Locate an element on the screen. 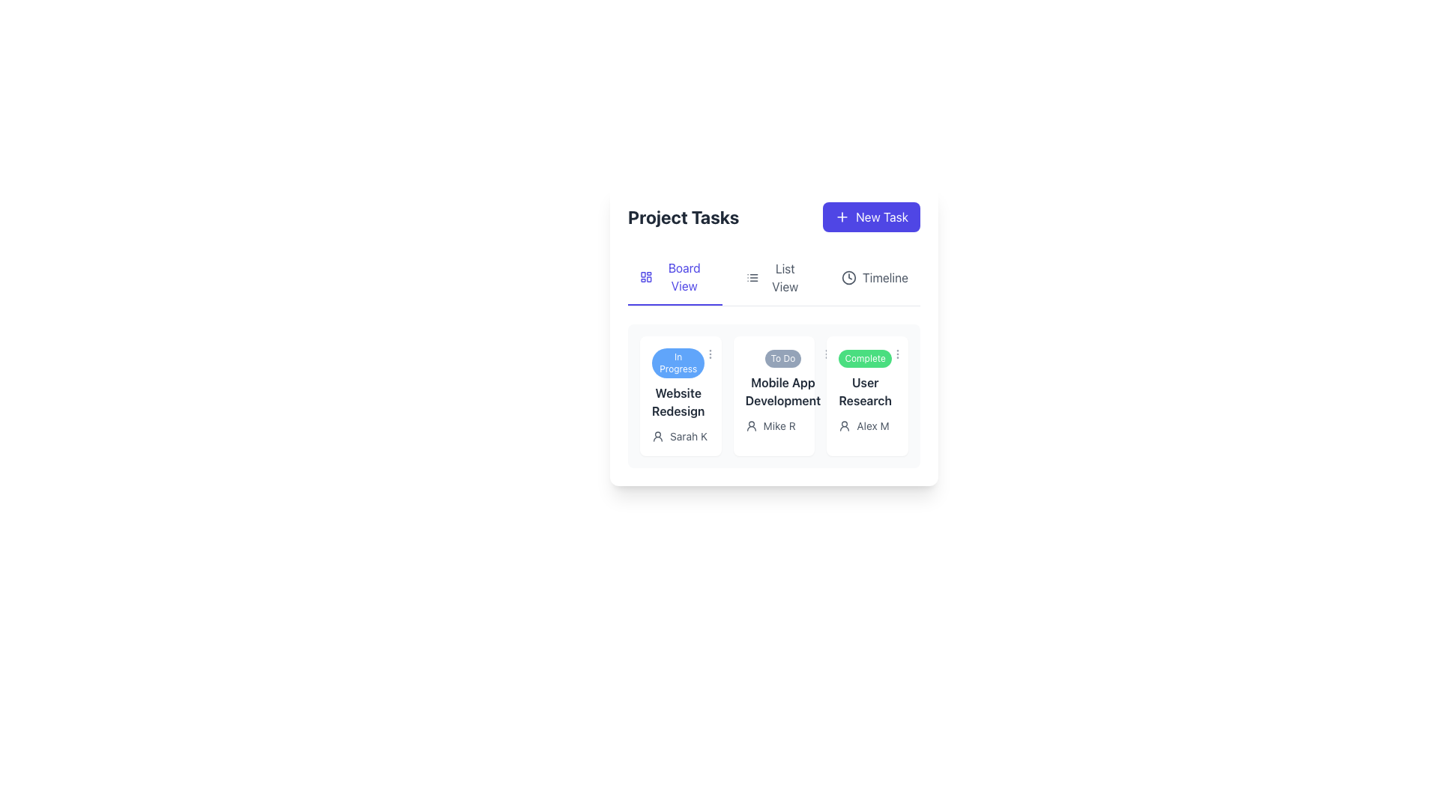  the task card labeled 'User Research' with a status indicator 'Complete' located in the 'Project Tasks' section under 'Board View', specifically the third card in the horizontal sequence is located at coordinates (865, 378).